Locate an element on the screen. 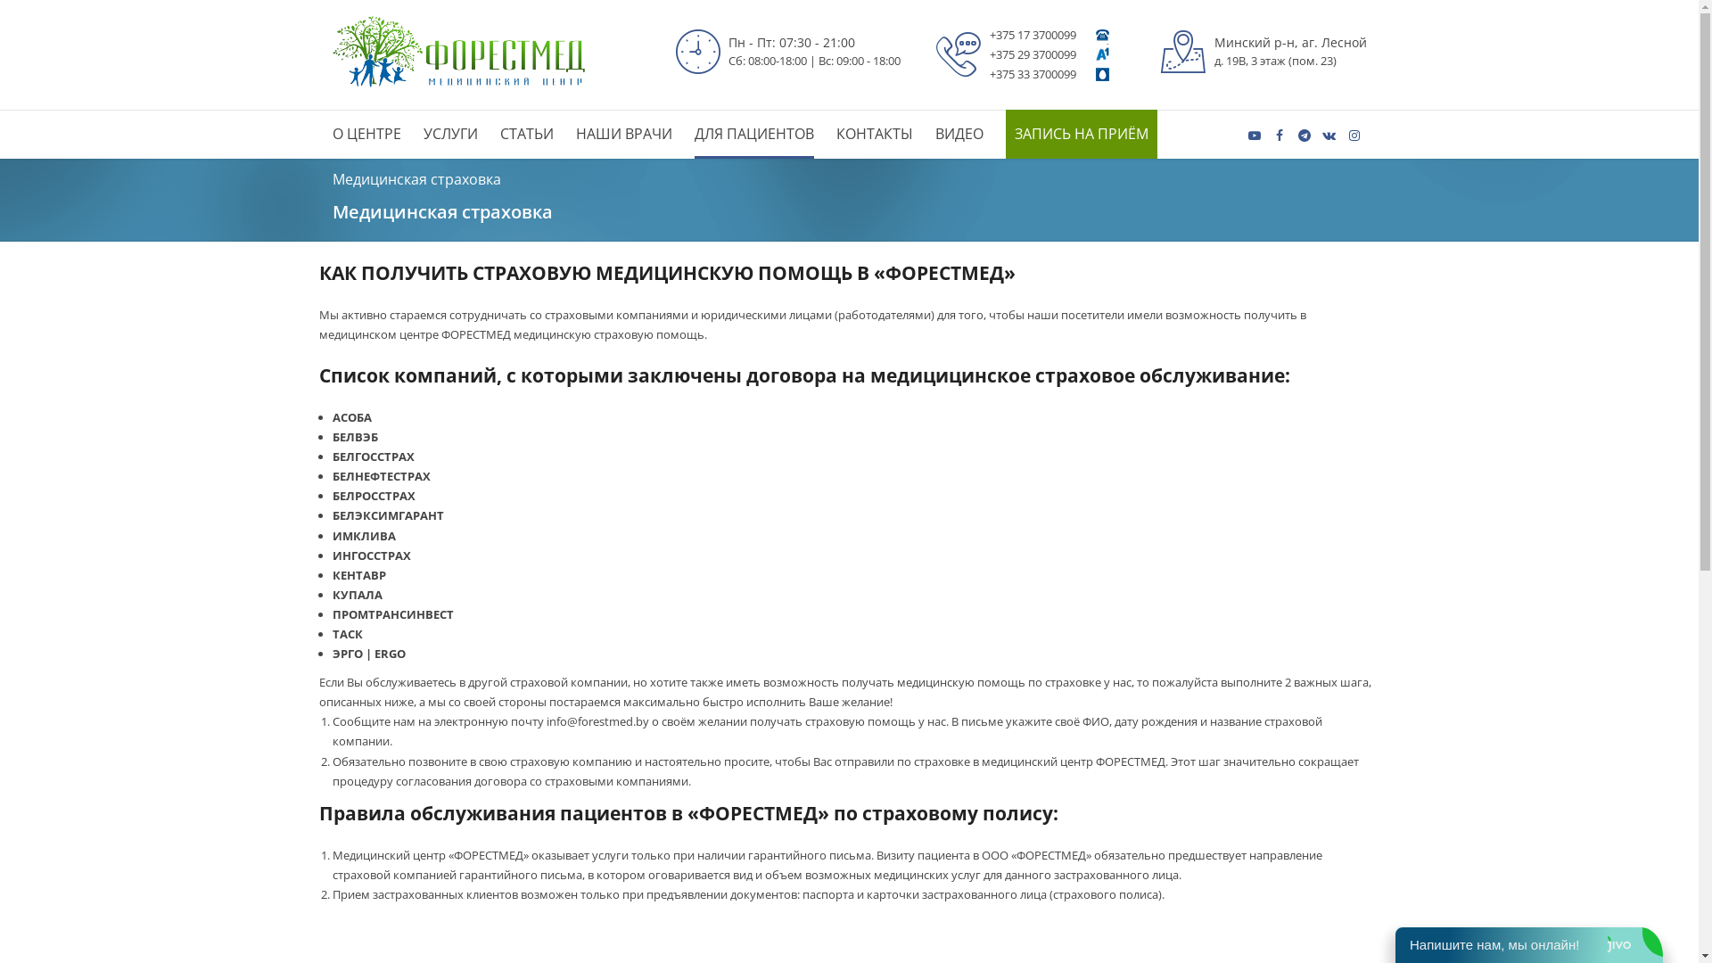  '+375 29 3700099' is located at coordinates (1033, 53).